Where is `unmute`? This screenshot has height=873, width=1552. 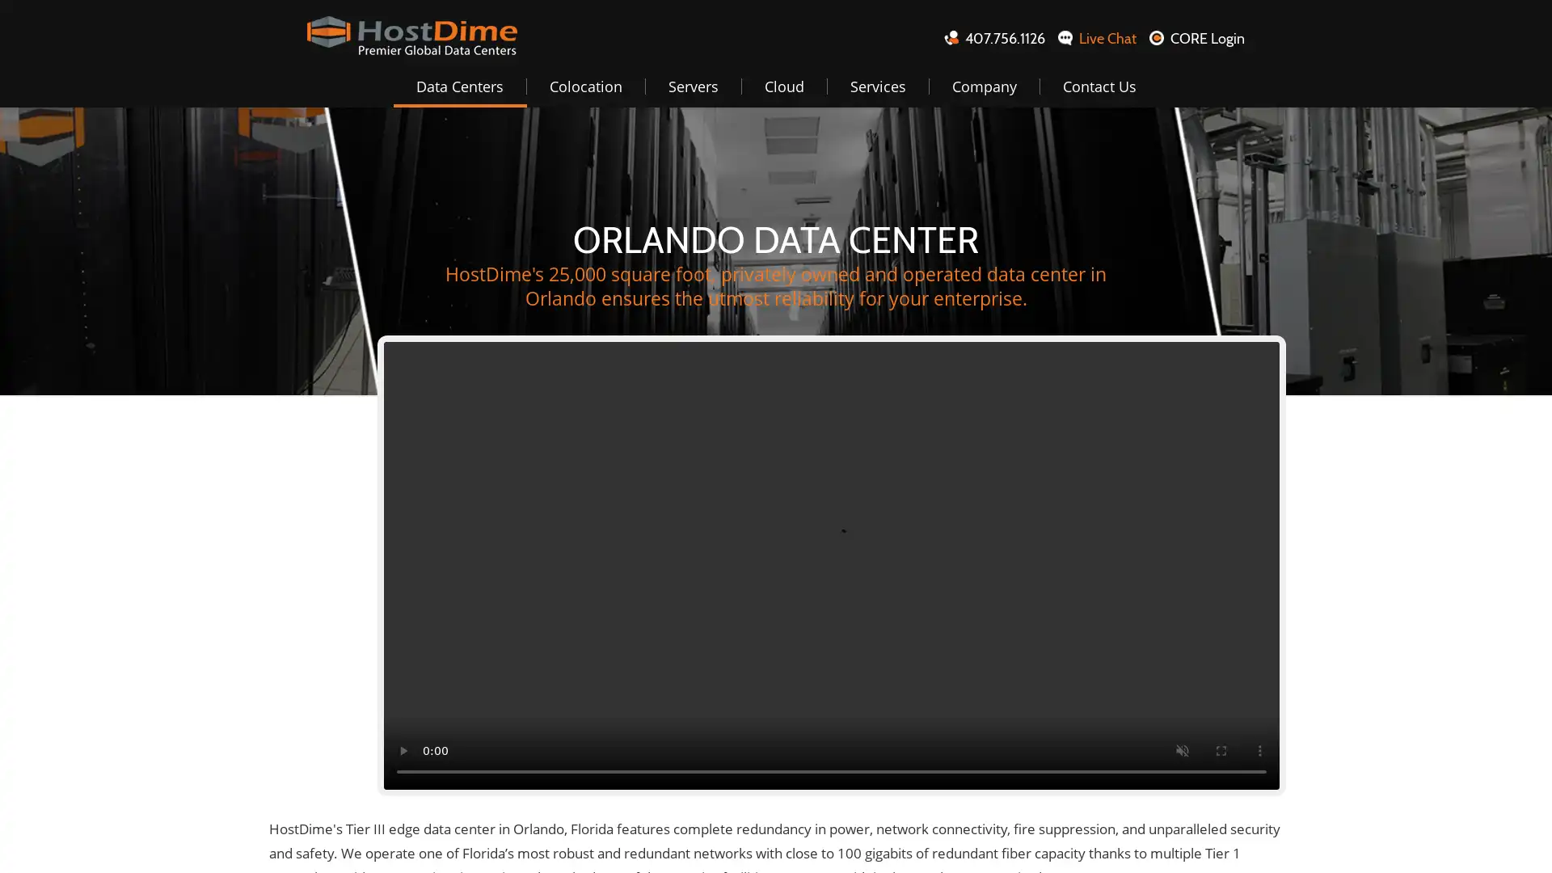
unmute is located at coordinates (1183, 751).